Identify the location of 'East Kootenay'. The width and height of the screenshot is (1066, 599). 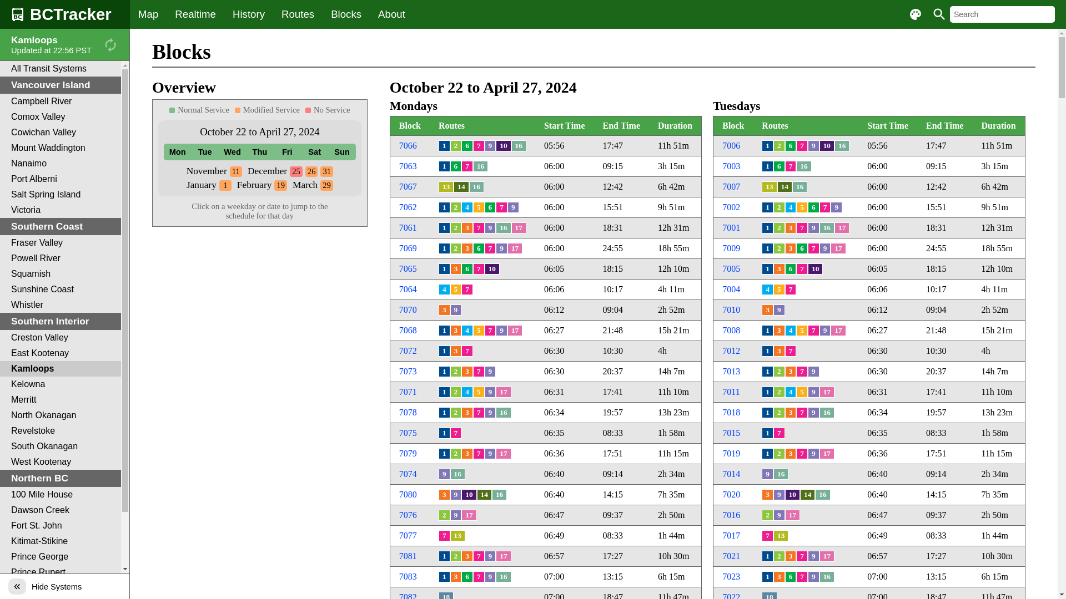
(0, 353).